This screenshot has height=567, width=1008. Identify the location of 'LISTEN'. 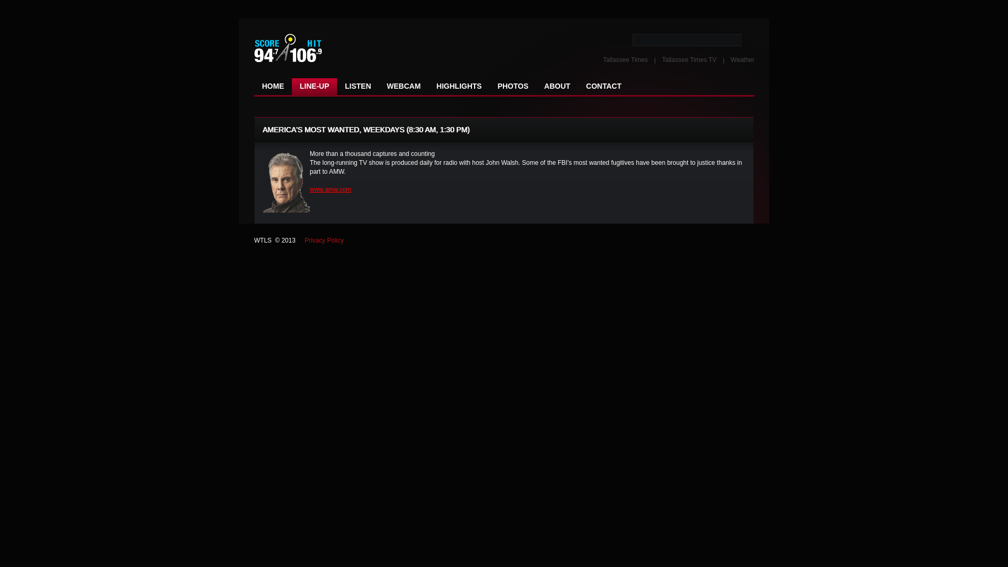
(358, 86).